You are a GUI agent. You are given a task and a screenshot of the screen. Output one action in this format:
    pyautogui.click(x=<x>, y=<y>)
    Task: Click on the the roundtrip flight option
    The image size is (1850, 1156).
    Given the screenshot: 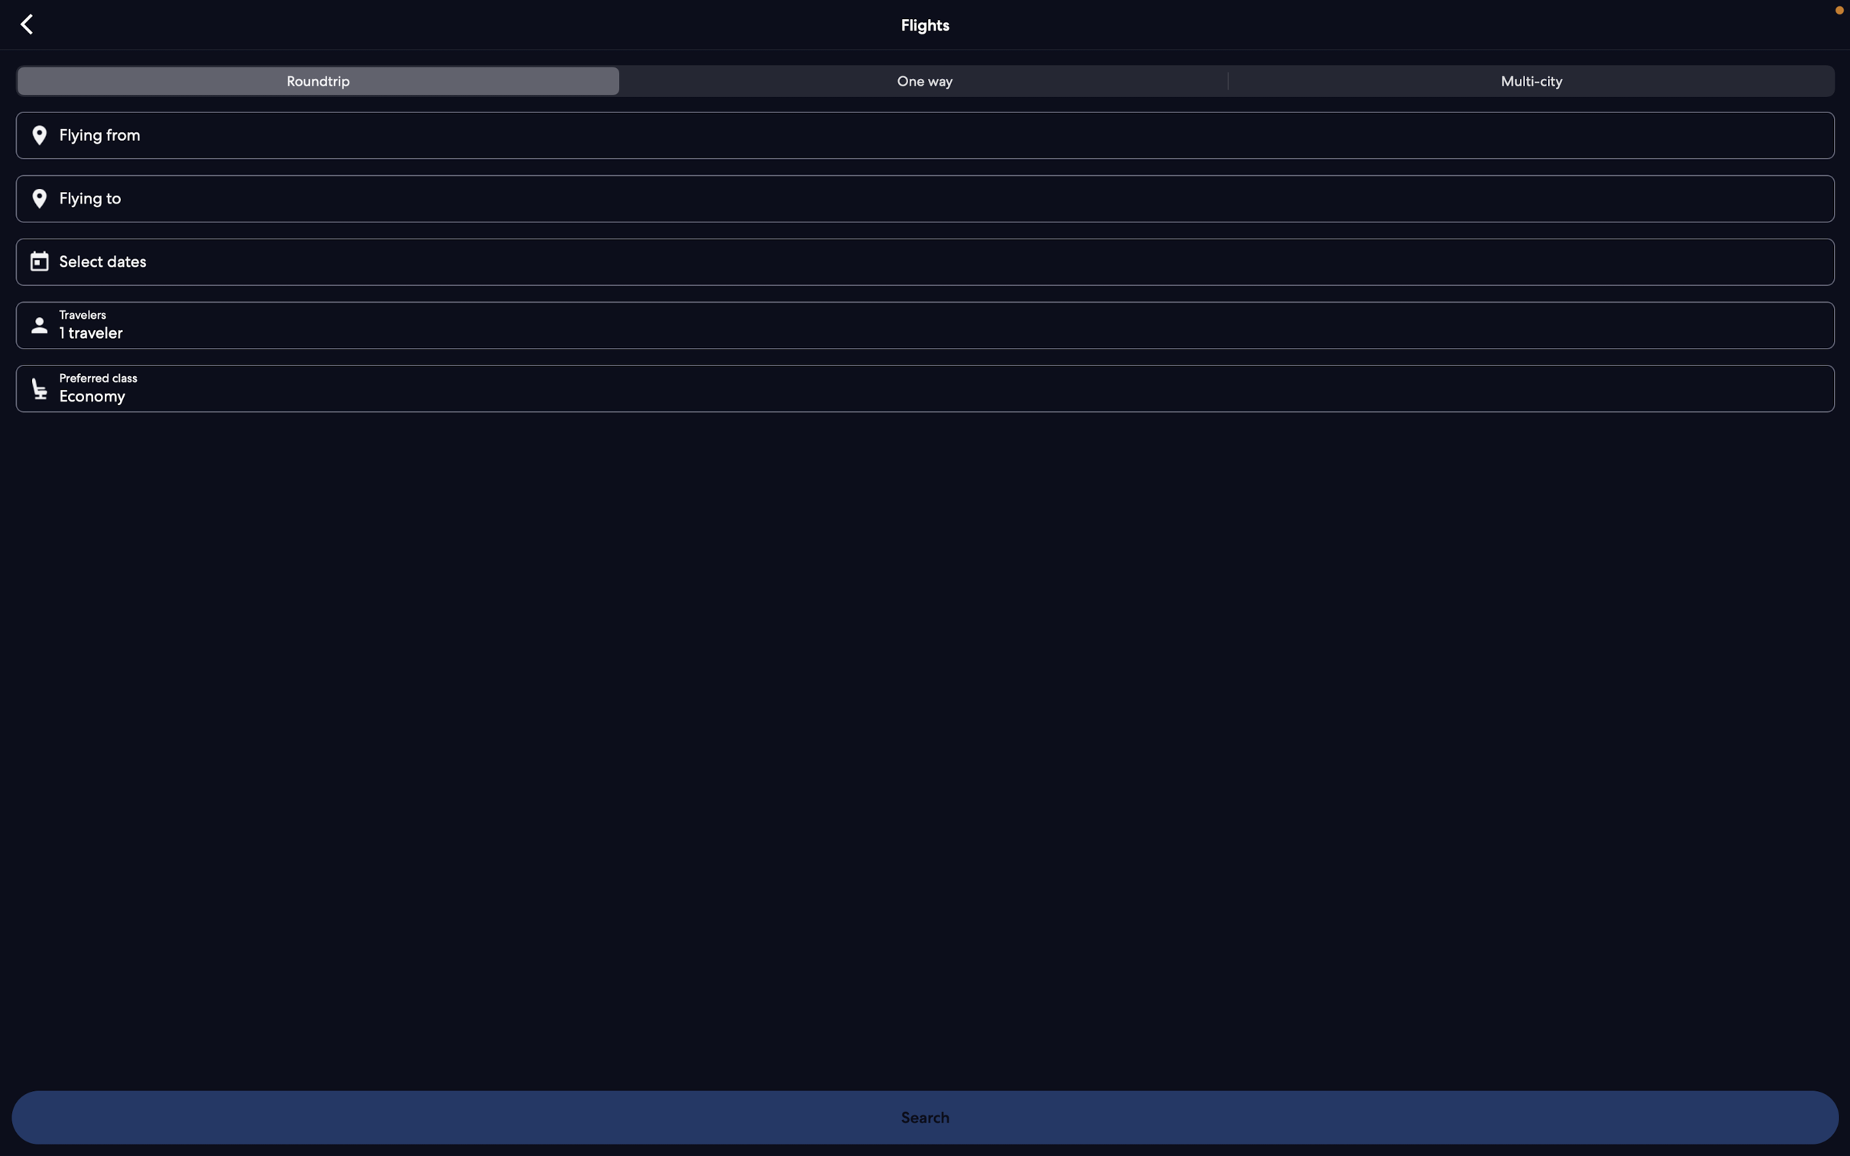 What is the action you would take?
    pyautogui.click(x=320, y=82)
    